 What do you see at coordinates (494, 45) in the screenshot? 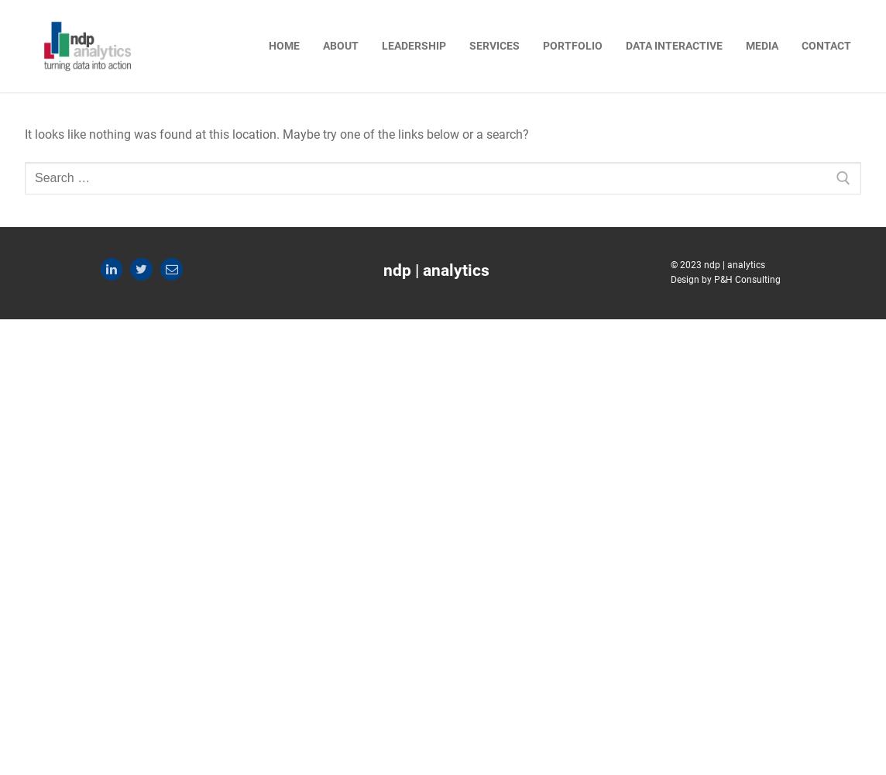
I see `'services'` at bounding box center [494, 45].